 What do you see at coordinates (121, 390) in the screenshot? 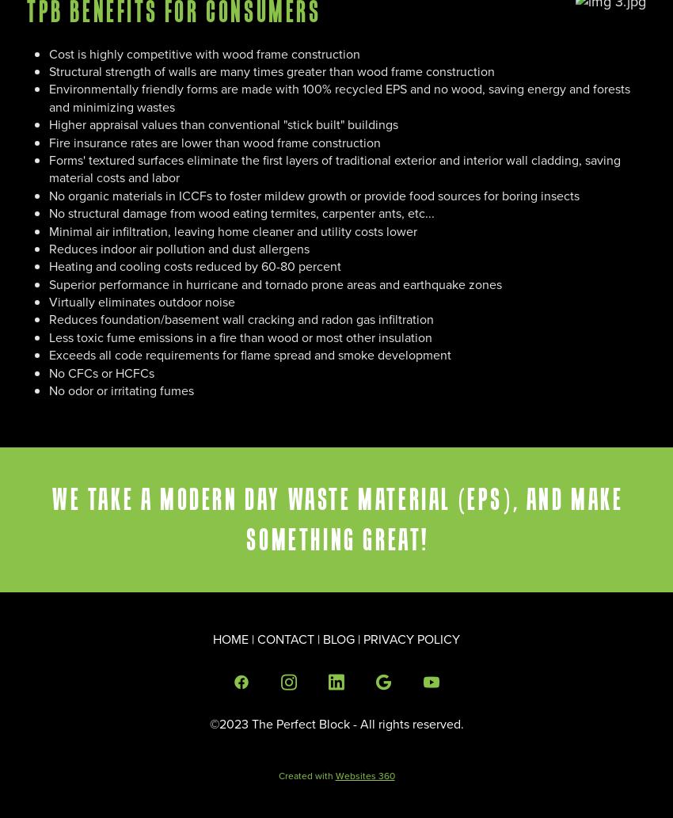
I see `'No odor or irritating fumes'` at bounding box center [121, 390].